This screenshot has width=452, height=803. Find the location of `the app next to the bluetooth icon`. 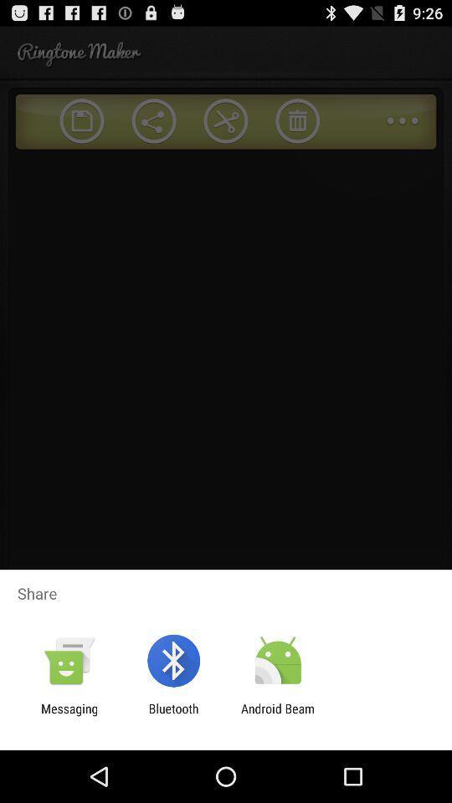

the app next to the bluetooth icon is located at coordinates (278, 715).